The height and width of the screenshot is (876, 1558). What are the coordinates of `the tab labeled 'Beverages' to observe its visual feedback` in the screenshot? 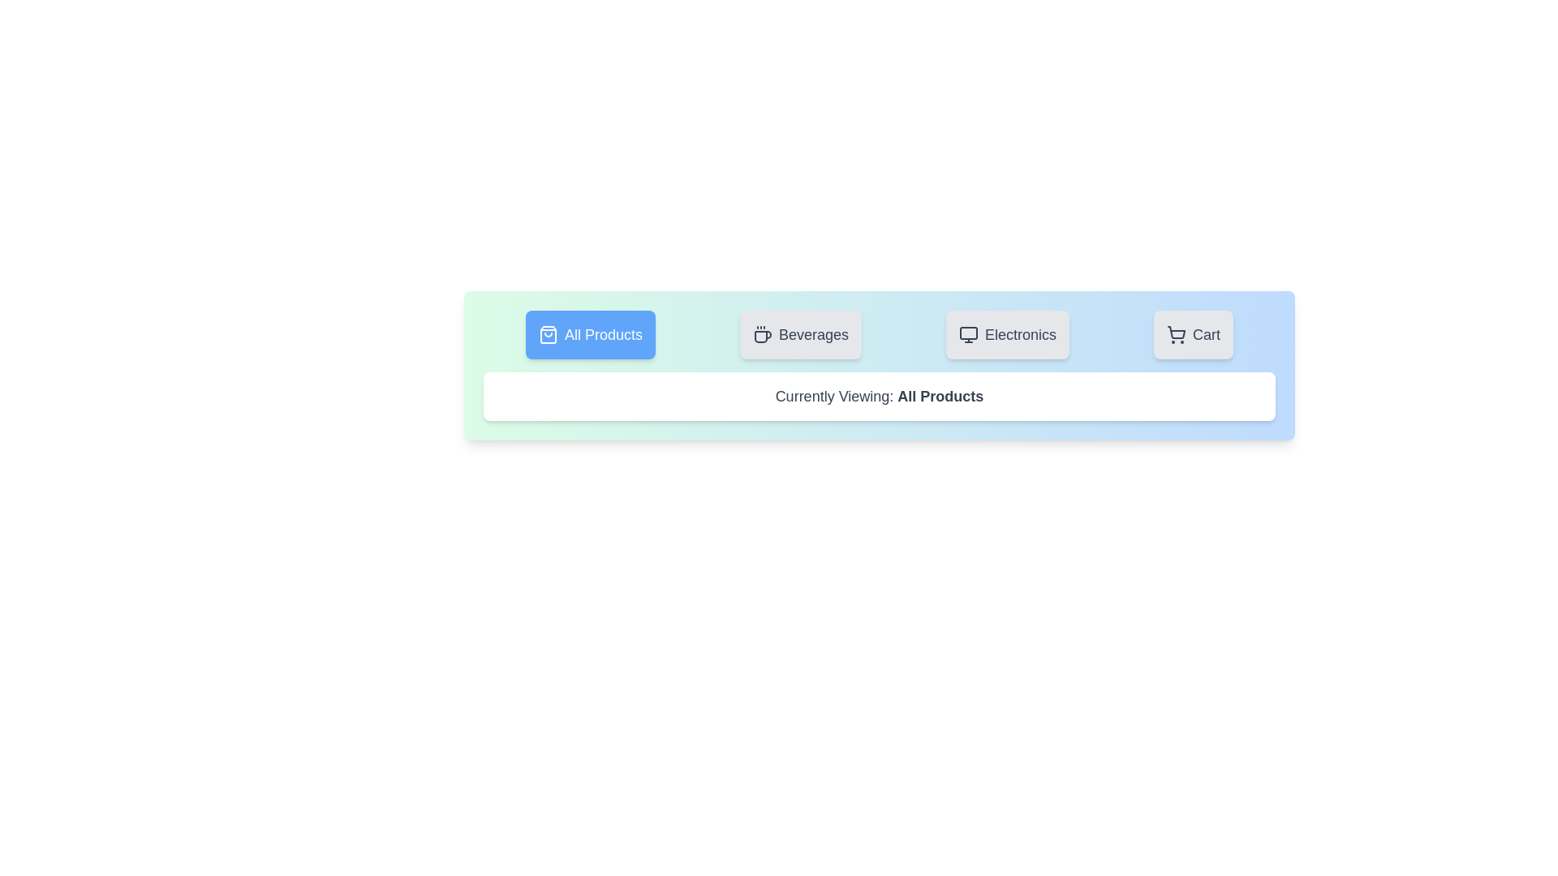 It's located at (801, 333).